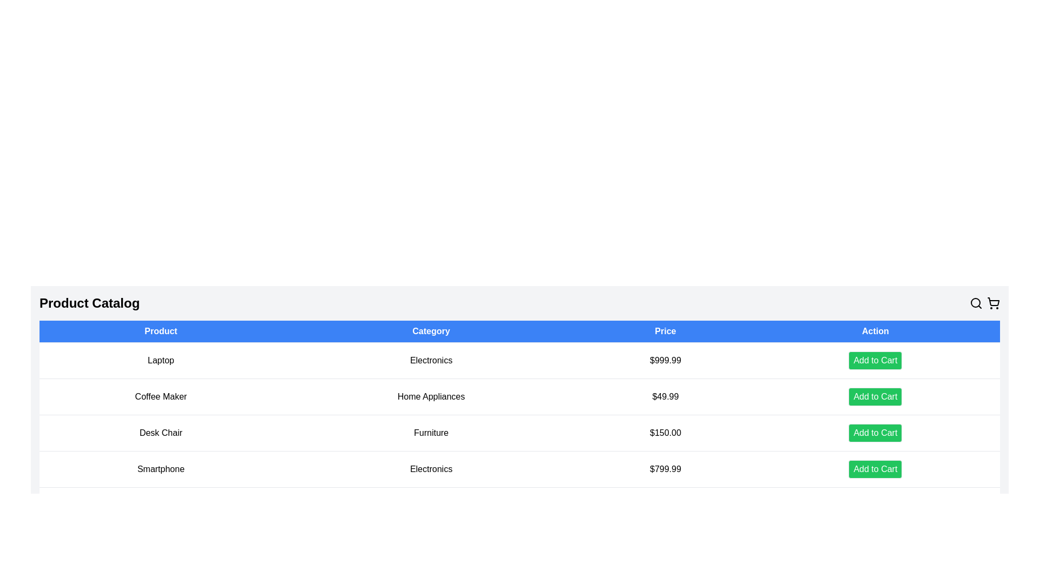 This screenshot has height=584, width=1039. Describe the element at coordinates (875, 433) in the screenshot. I see `the green button labeled 'Add to Cart' in the fourth row of the product list for the 'Desk Chair' priced at '$150.00'` at that location.